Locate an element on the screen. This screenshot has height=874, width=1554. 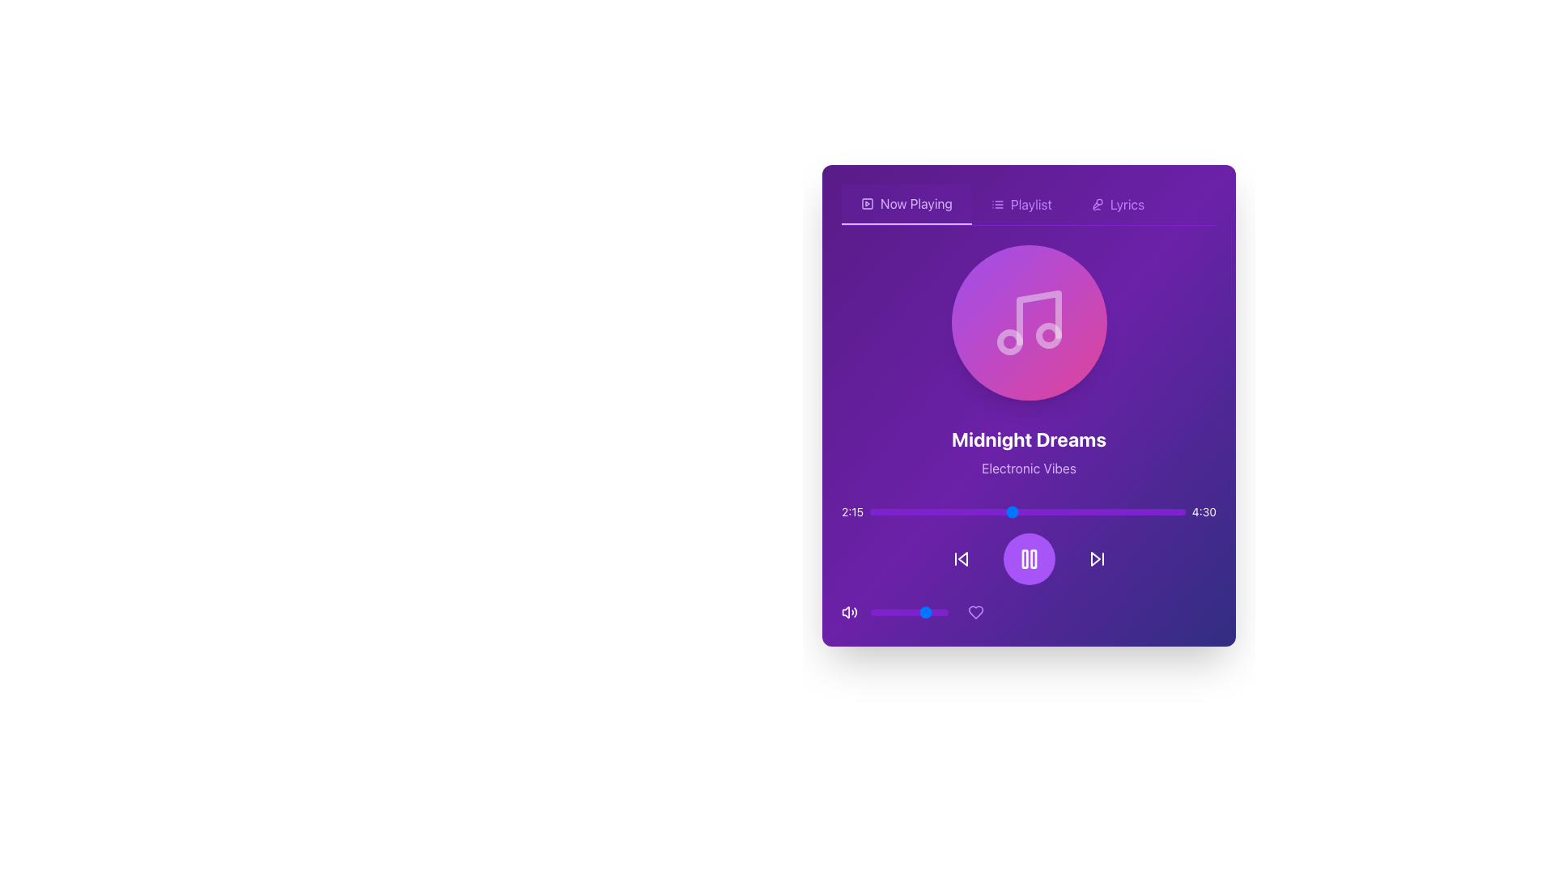
the heart icon located in the bottom section of the music player interface is located at coordinates (974, 612).